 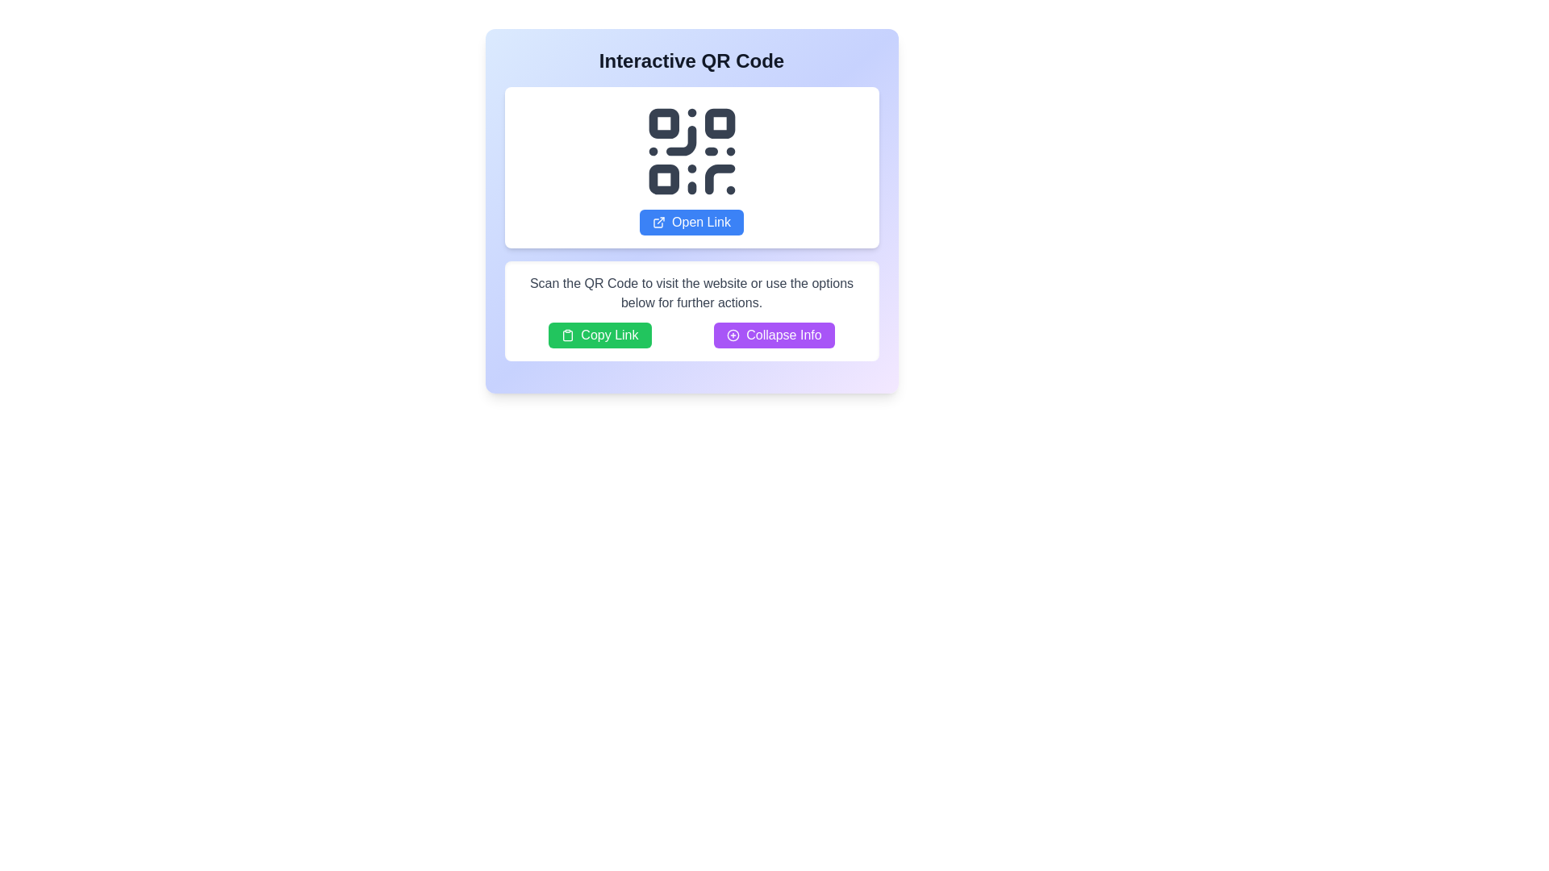 I want to click on the top-left square component with rounded corners in the QR code graphic, so click(x=663, y=123).